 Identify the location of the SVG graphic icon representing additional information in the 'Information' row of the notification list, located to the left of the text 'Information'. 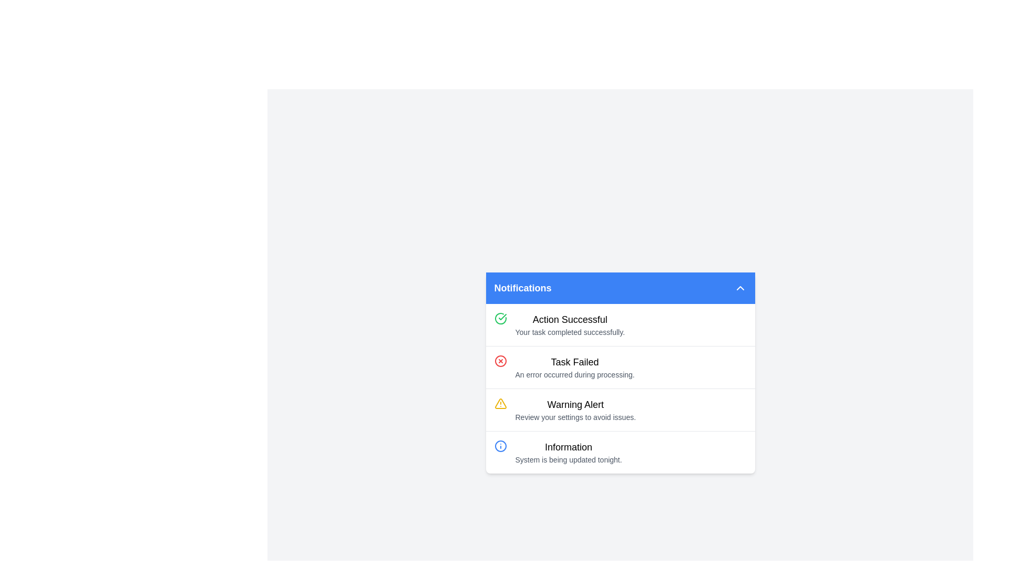
(500, 446).